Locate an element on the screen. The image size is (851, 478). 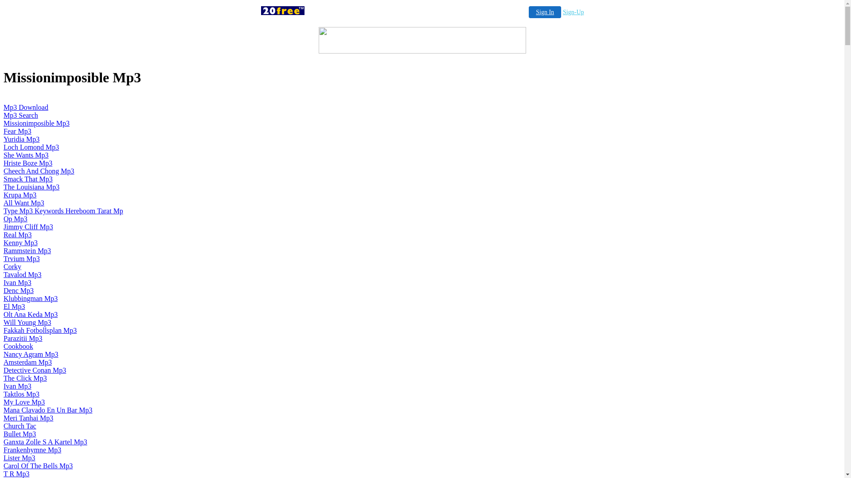
'Rammstein Mp3' is located at coordinates (27, 251).